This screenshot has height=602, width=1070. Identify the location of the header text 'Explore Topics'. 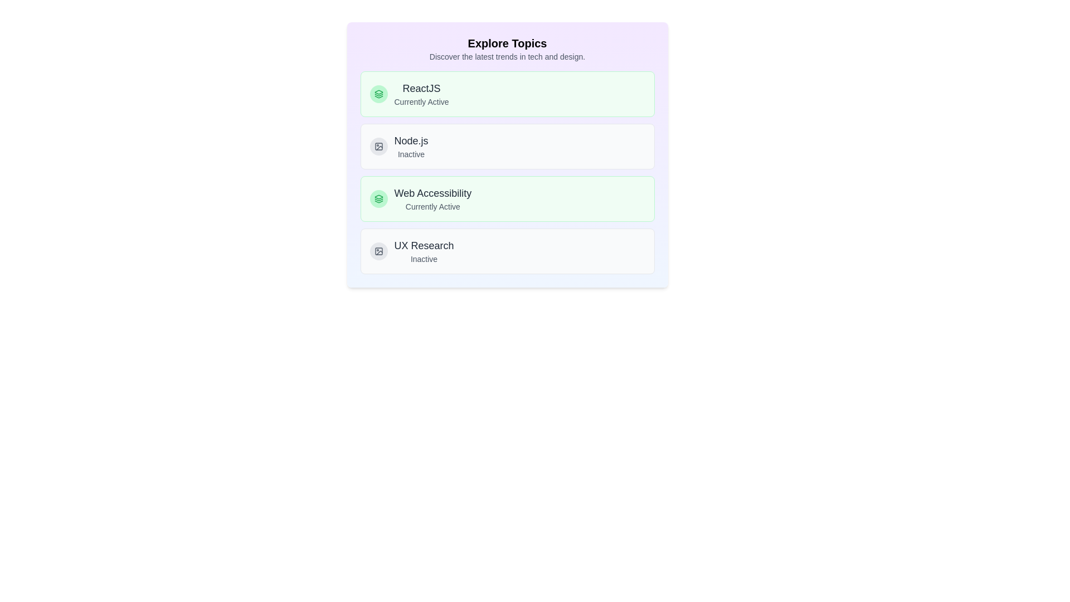
(507, 42).